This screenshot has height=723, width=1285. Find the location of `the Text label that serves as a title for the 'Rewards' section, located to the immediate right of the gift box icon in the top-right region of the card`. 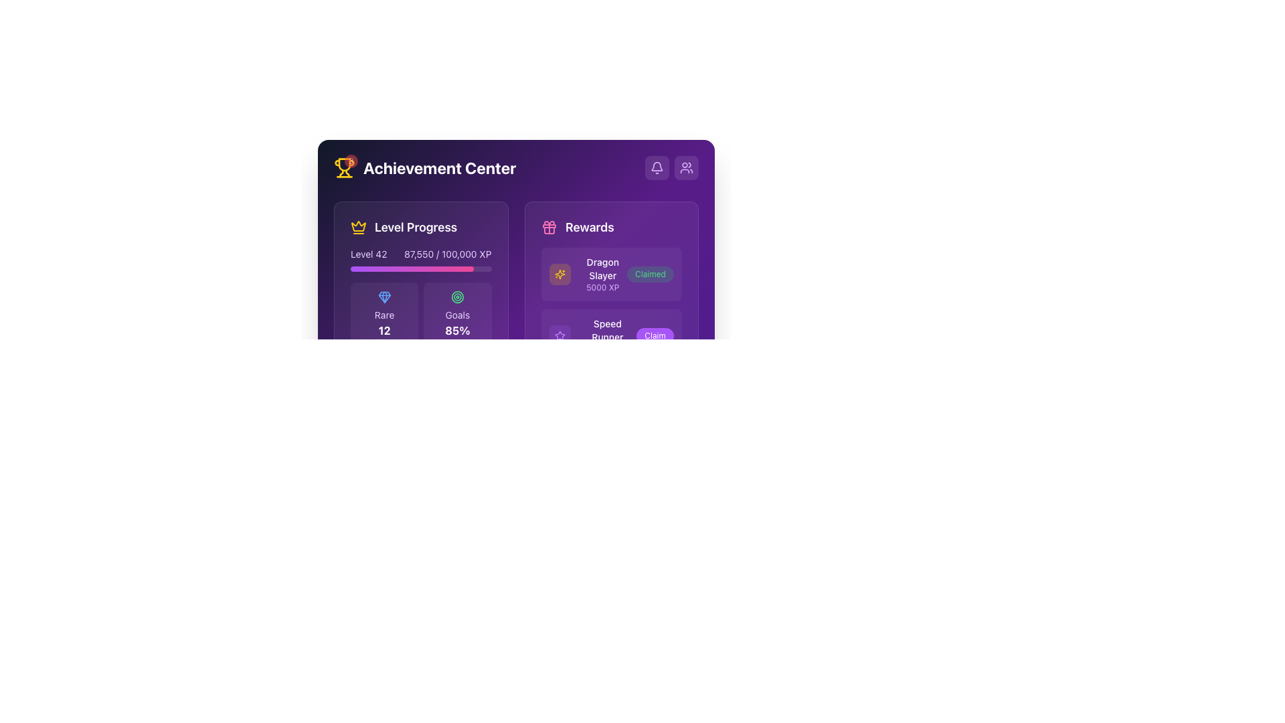

the Text label that serves as a title for the 'Rewards' section, located to the immediate right of the gift box icon in the top-right region of the card is located at coordinates (589, 226).